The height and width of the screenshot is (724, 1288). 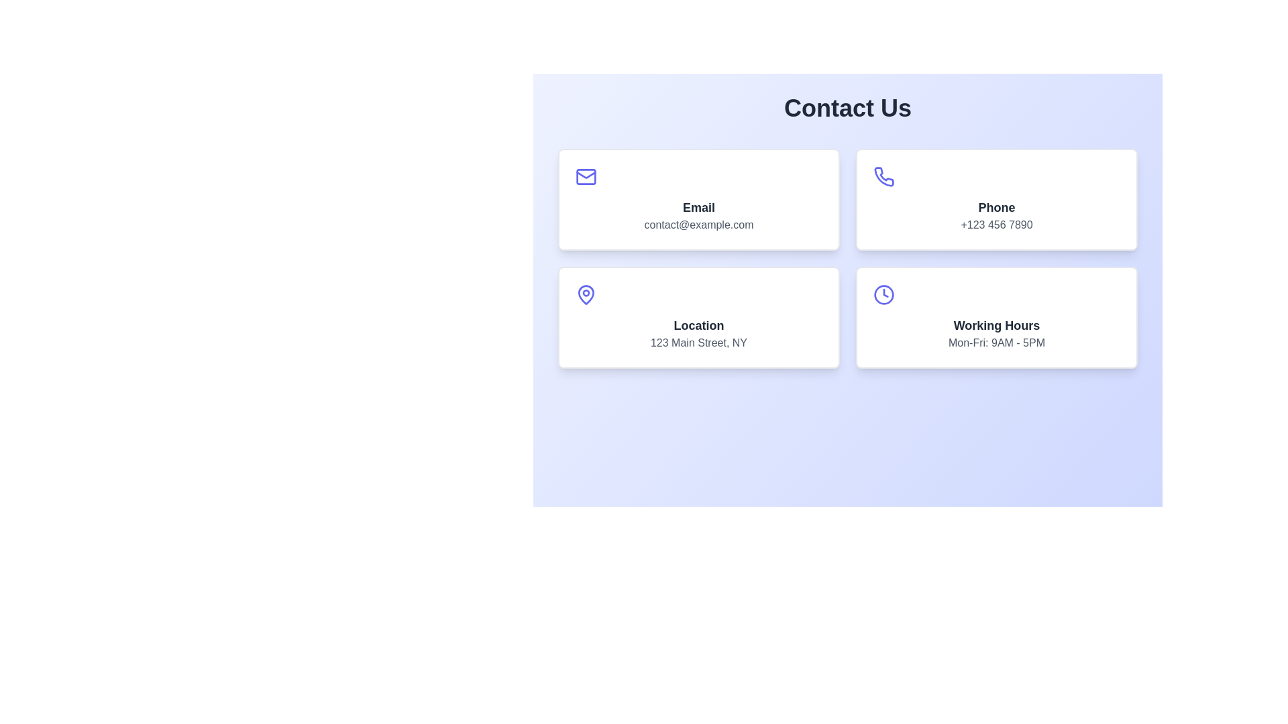 What do you see at coordinates (997, 207) in the screenshot?
I see `the 'Phone' static text label located in the upper right quadrant of the 'Phone' contact card component, directly beneath the phone icon` at bounding box center [997, 207].